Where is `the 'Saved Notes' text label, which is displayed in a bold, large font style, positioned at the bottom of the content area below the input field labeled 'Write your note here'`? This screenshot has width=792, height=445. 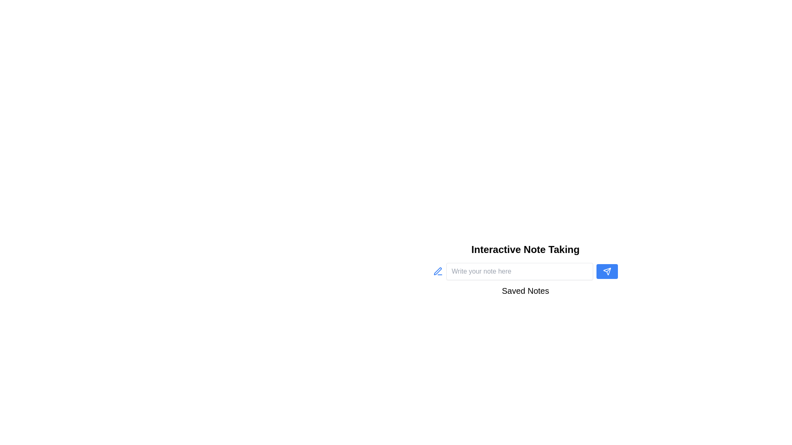
the 'Saved Notes' text label, which is displayed in a bold, large font style, positioned at the bottom of the content area below the input field labeled 'Write your note here' is located at coordinates (525, 290).